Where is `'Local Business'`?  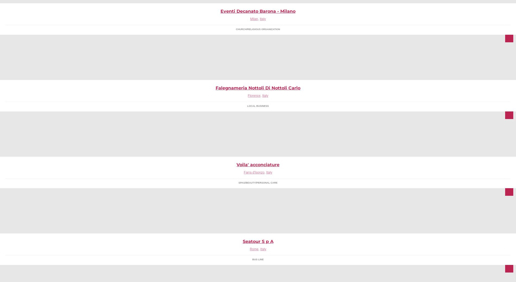 'Local Business' is located at coordinates (257, 106).